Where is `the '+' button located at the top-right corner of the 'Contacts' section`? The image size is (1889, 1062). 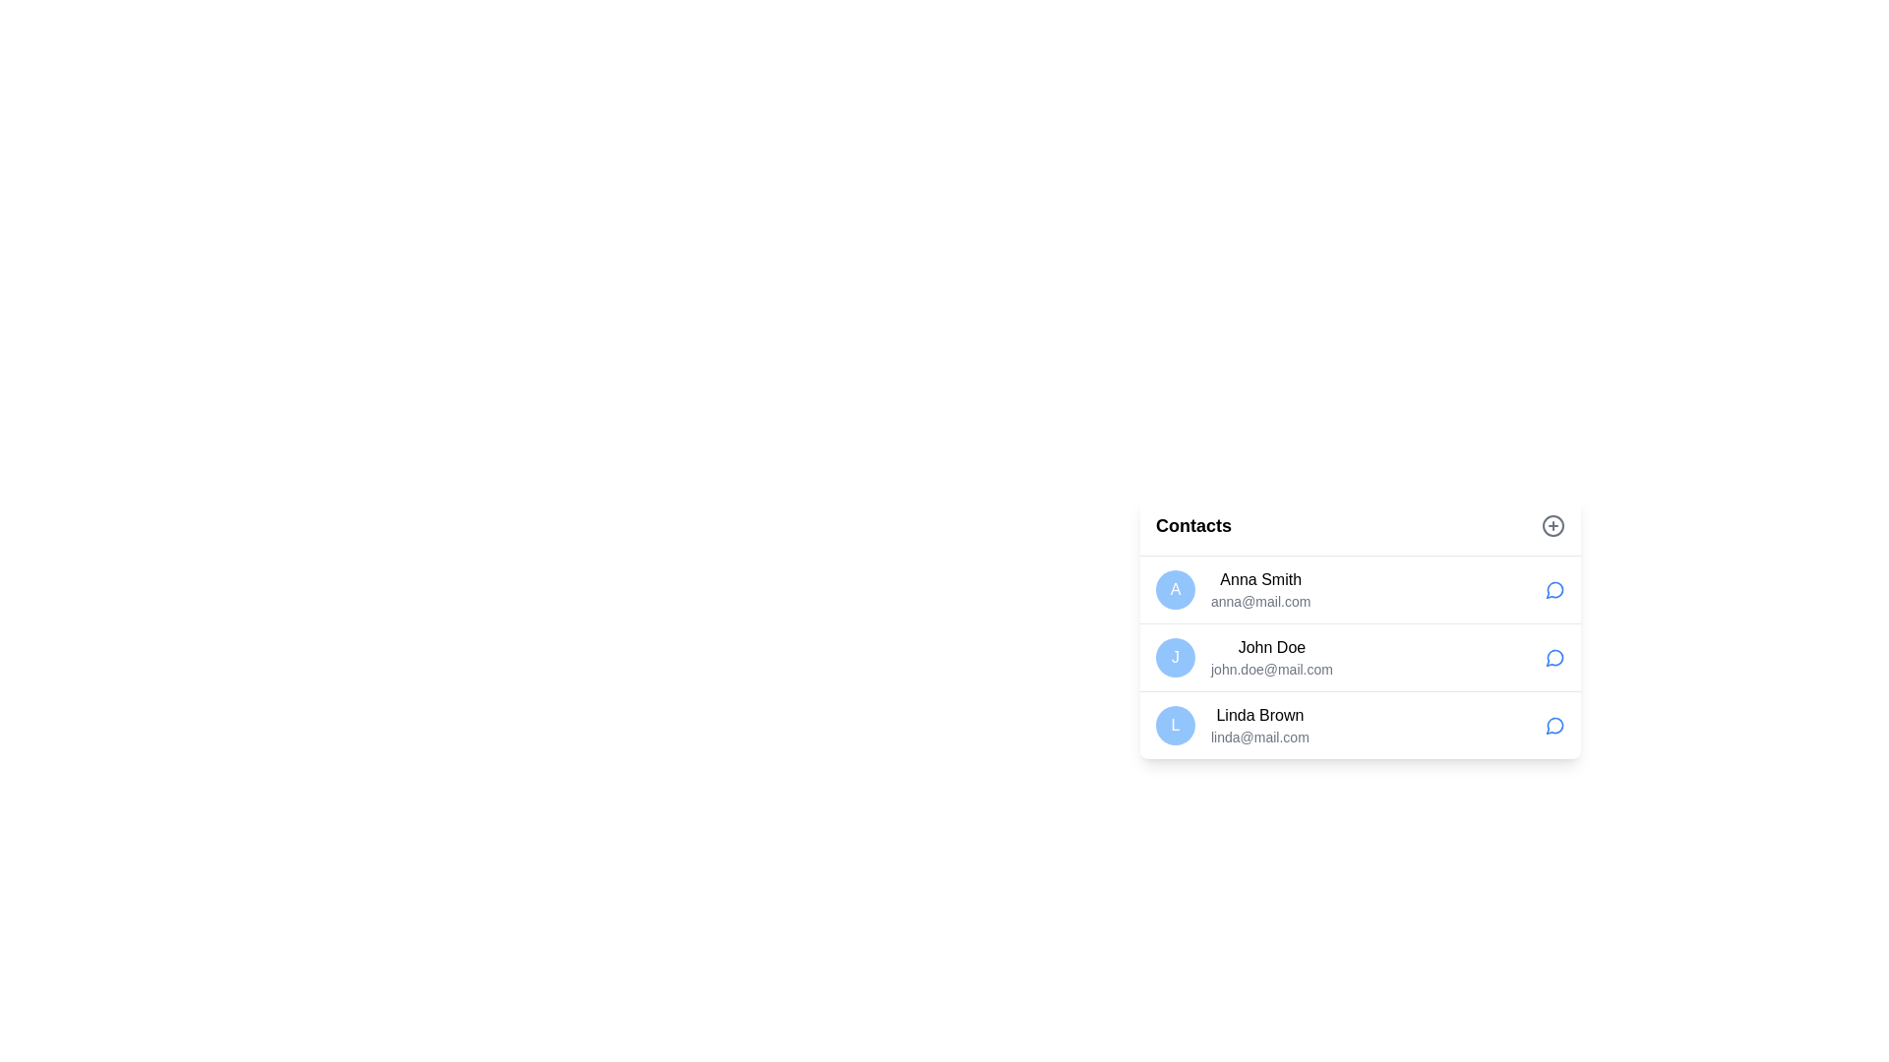
the '+' button located at the top-right corner of the 'Contacts' section is located at coordinates (1553, 525).